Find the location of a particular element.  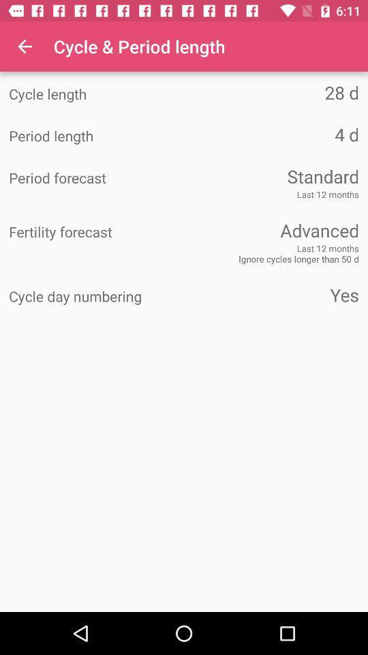

icon above the last 12 months icon is located at coordinates (95, 177).